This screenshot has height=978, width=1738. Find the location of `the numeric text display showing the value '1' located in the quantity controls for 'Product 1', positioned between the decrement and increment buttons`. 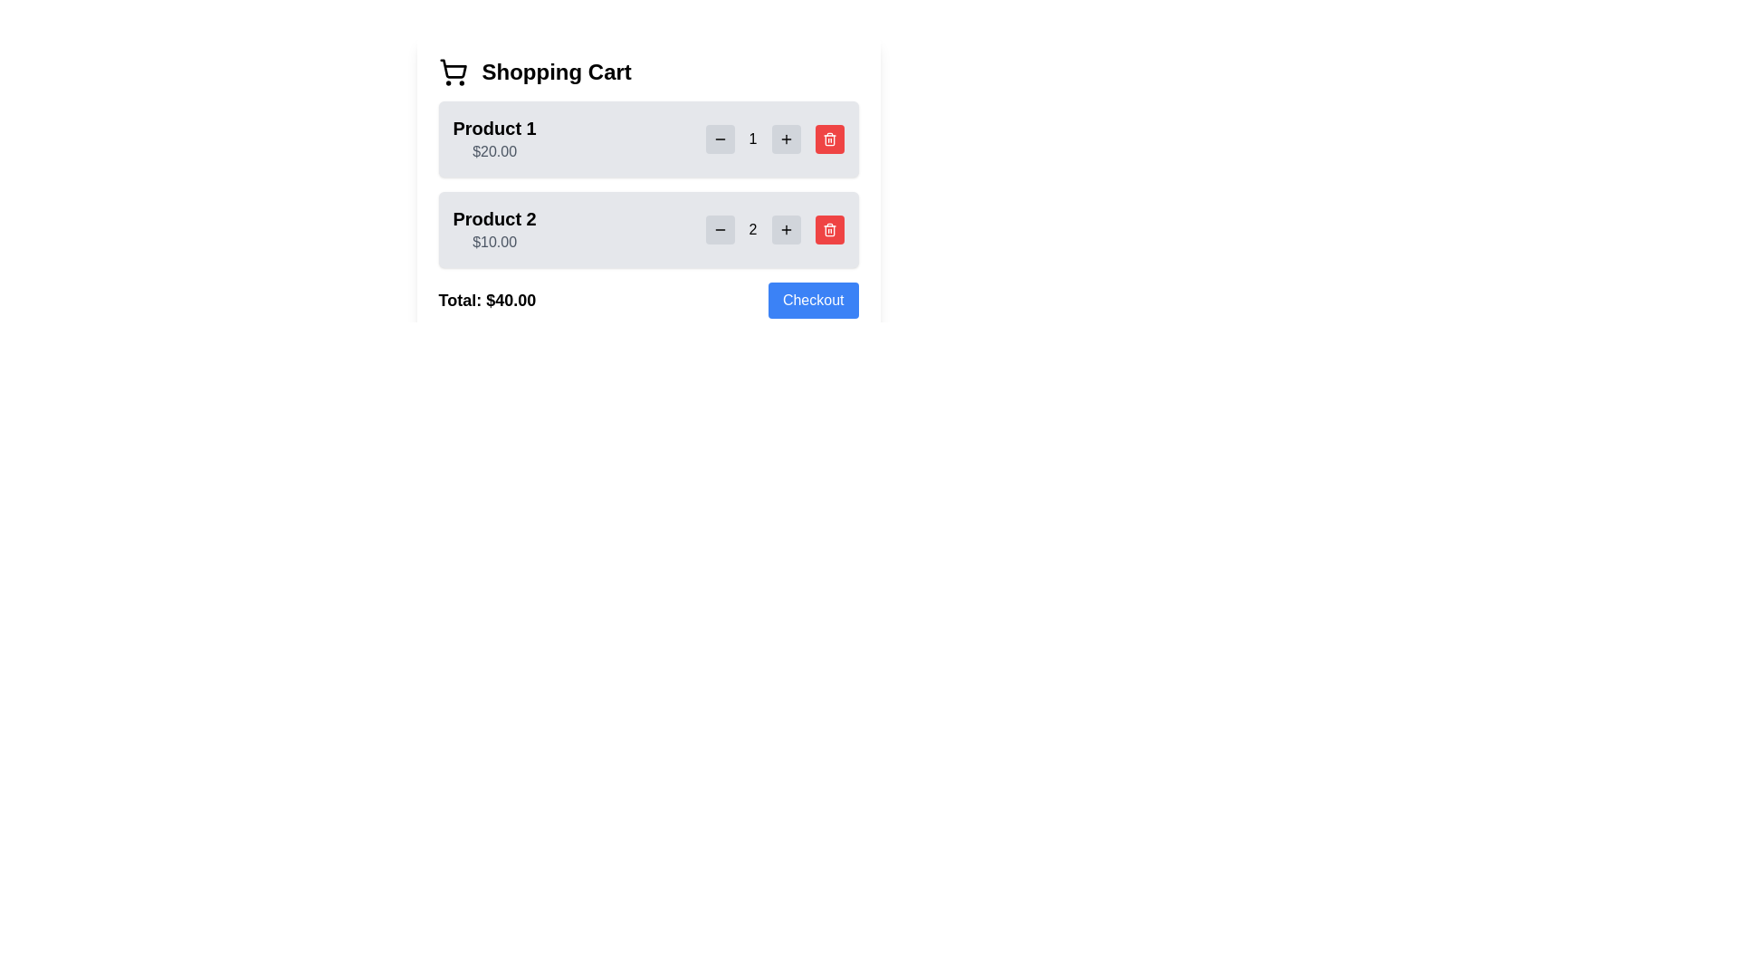

the numeric text display showing the value '1' located in the quantity controls for 'Product 1', positioned between the decrement and increment buttons is located at coordinates (775, 139).